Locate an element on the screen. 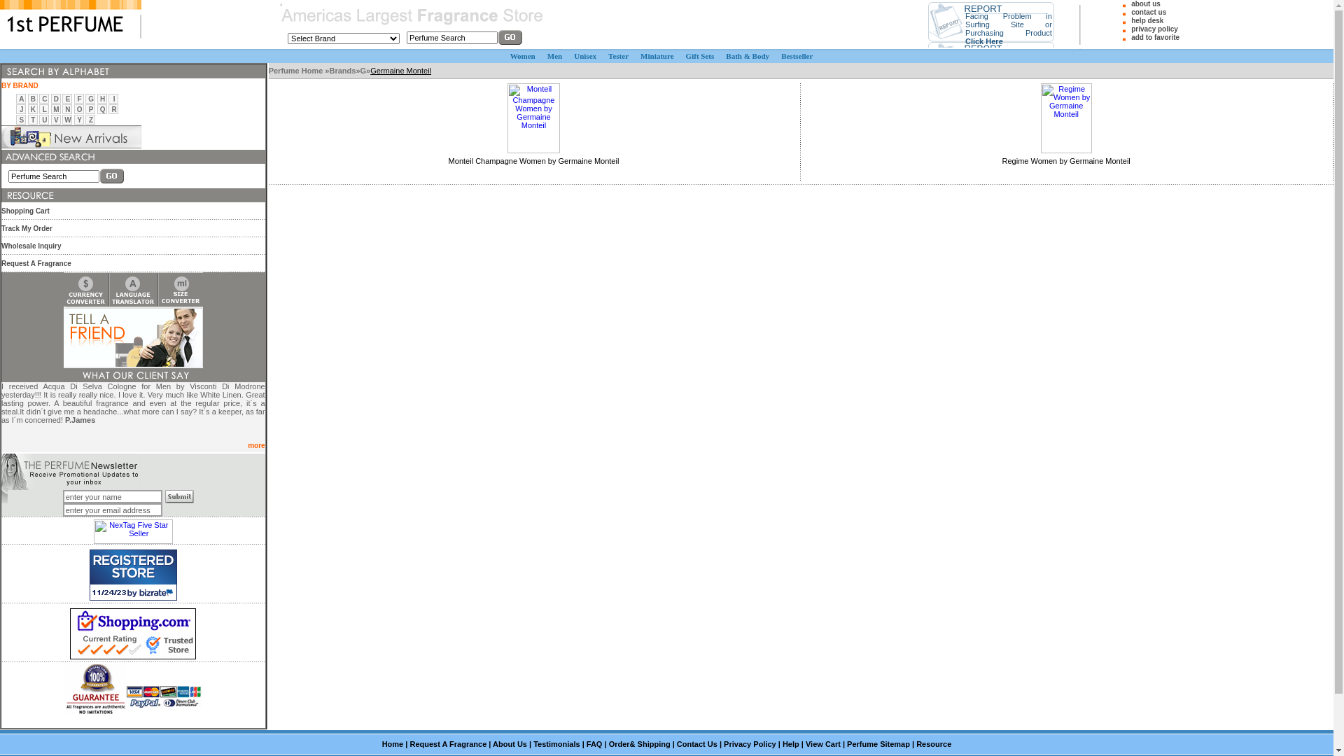 This screenshot has width=1344, height=756. 'Request A Fragrance' is located at coordinates (409, 743).